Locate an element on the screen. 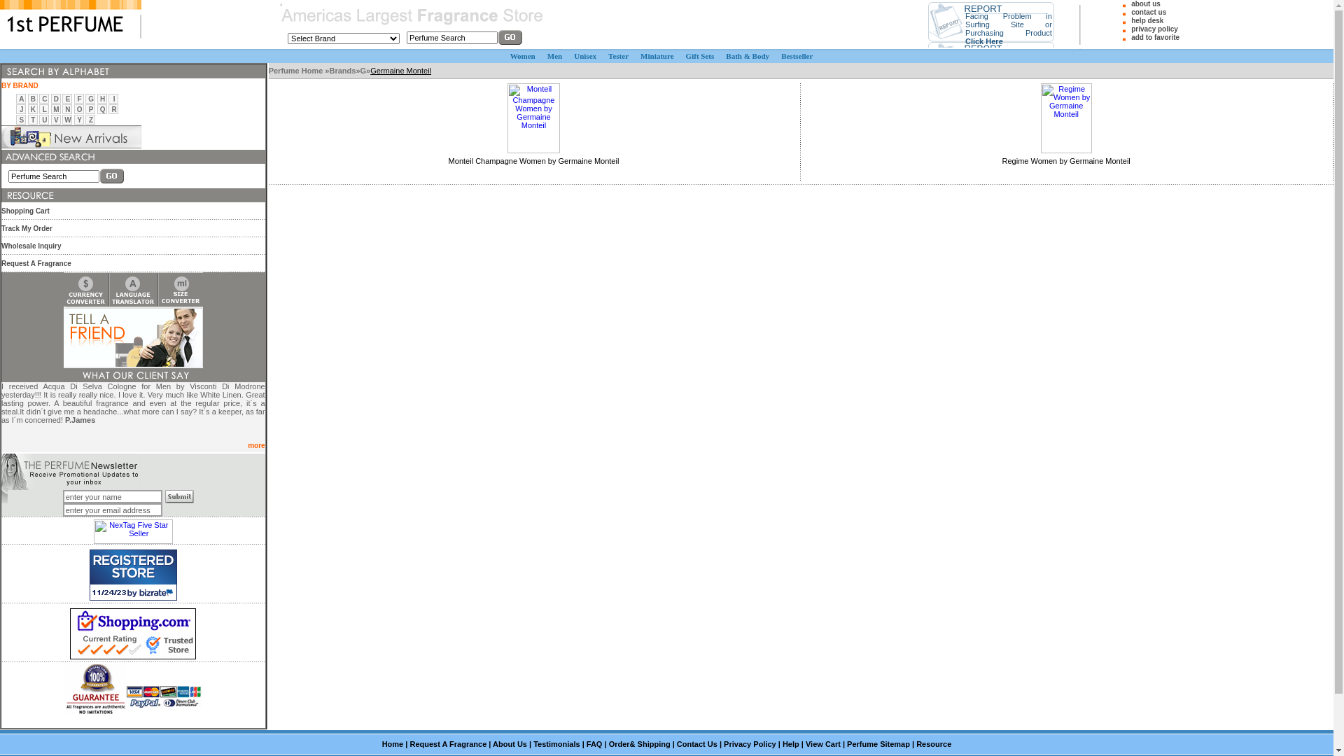 This screenshot has width=1344, height=756. 'Request A Fragrance' is located at coordinates (409, 743).